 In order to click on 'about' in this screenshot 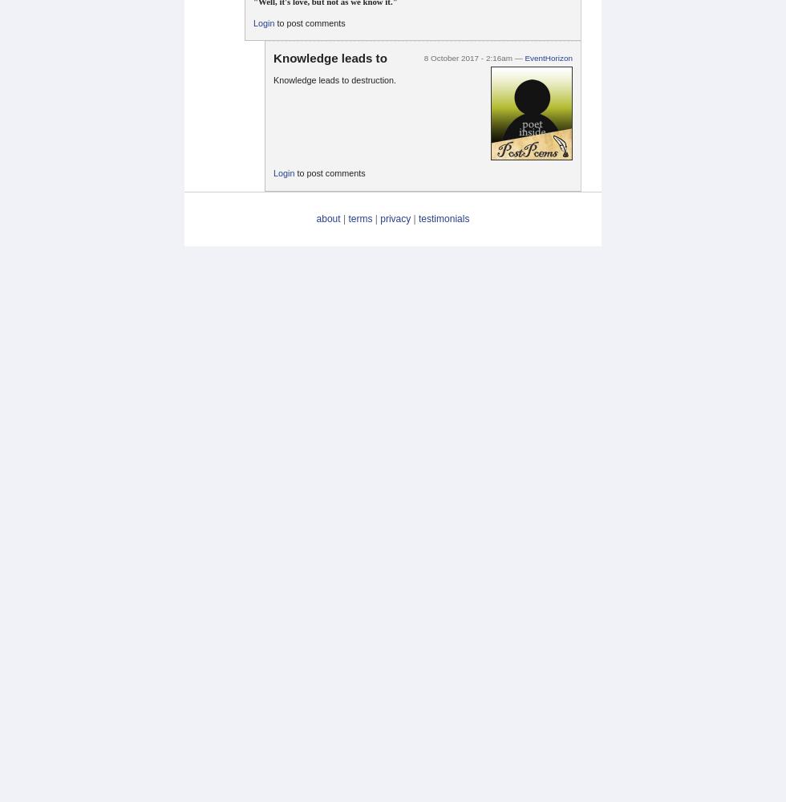, I will do `click(315, 218)`.